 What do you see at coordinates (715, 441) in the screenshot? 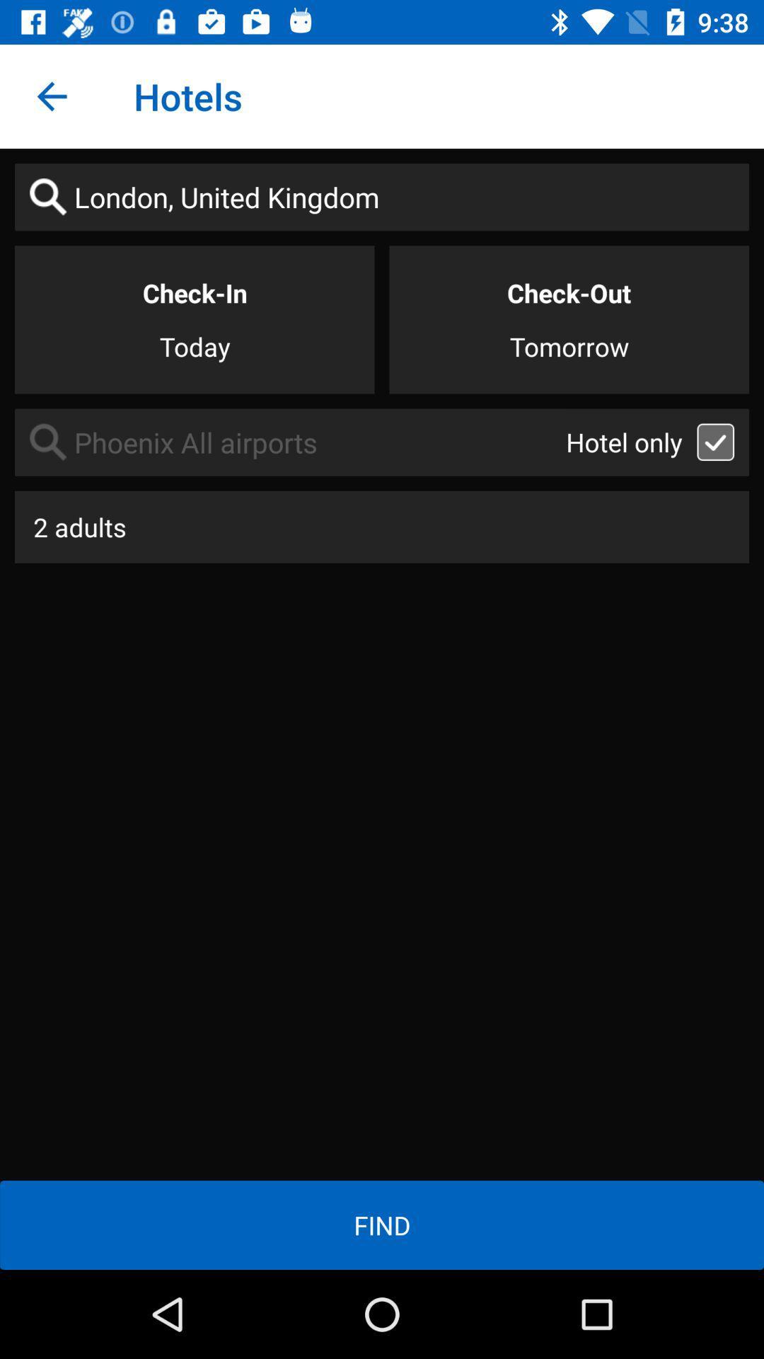
I see `box which is right hand side of text hotel only` at bounding box center [715, 441].